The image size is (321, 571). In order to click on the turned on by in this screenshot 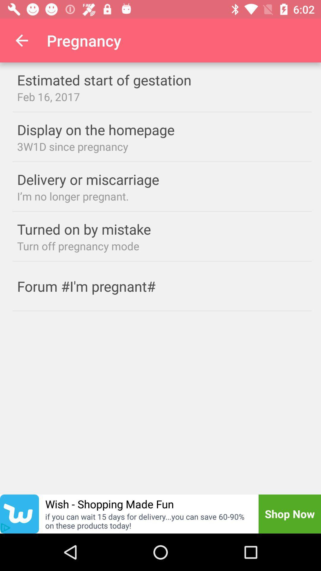, I will do `click(95, 229)`.